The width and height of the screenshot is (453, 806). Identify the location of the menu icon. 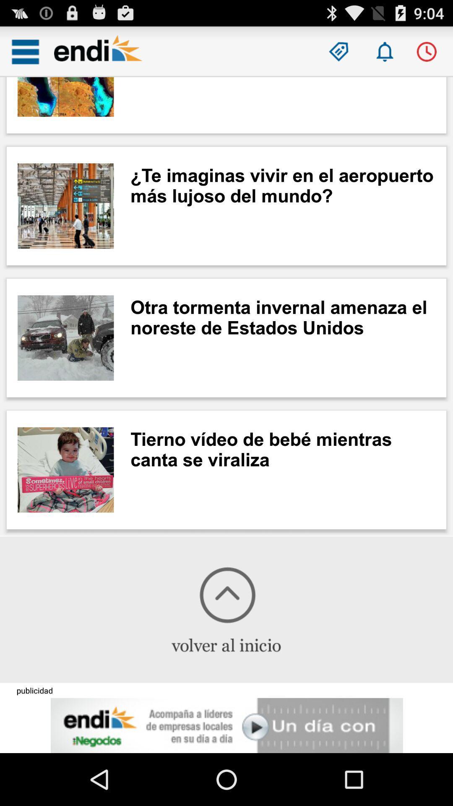
(25, 55).